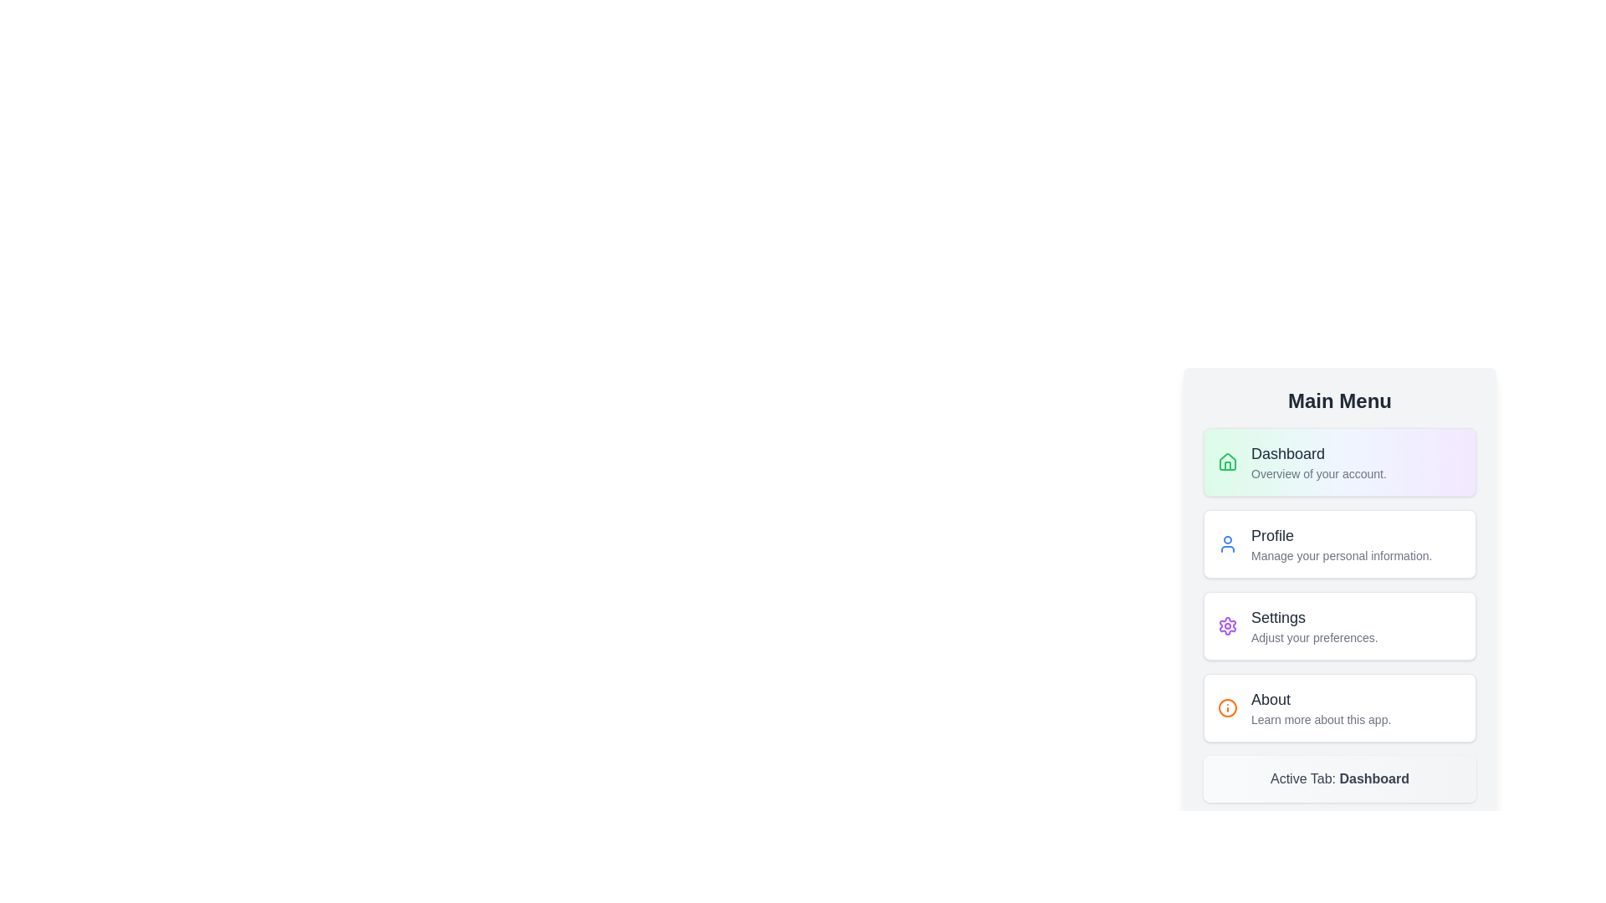  I want to click on the menu item labeled Settings to activate its tab, so click(1340, 625).